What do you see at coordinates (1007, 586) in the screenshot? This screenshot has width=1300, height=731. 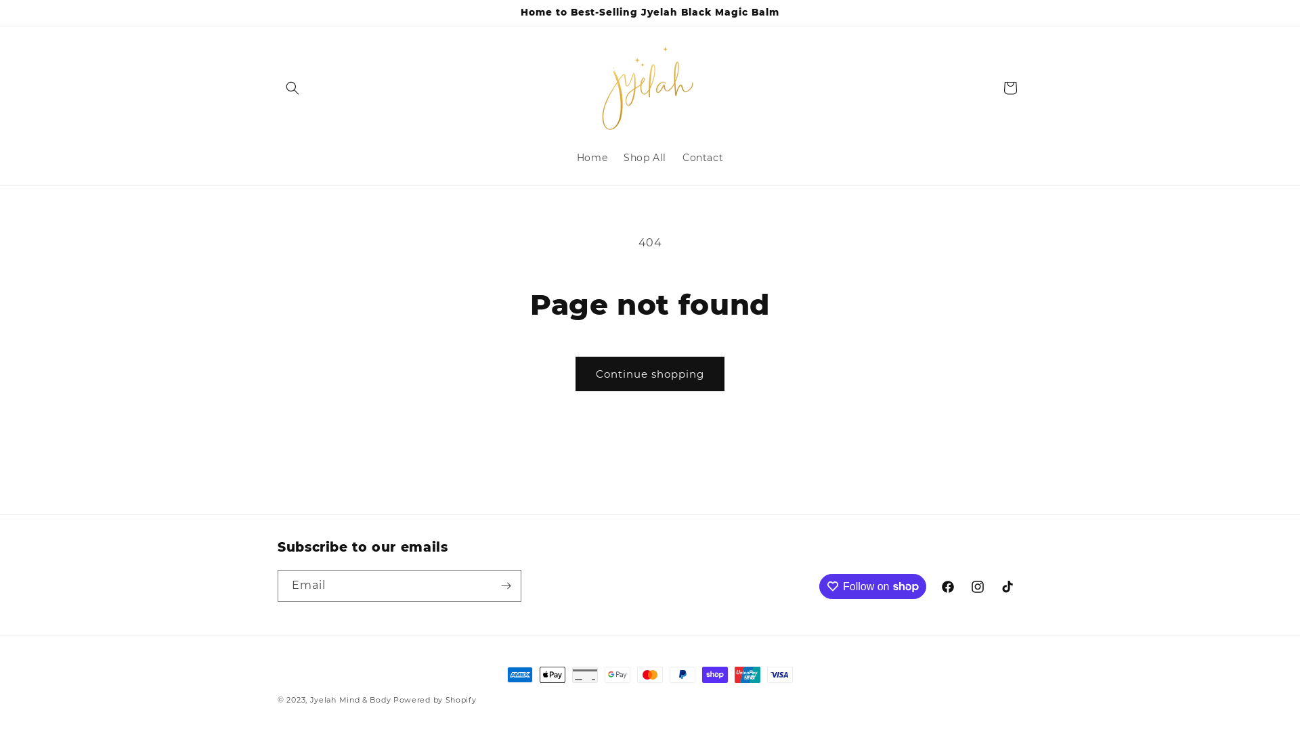 I see `'TikTok'` at bounding box center [1007, 586].